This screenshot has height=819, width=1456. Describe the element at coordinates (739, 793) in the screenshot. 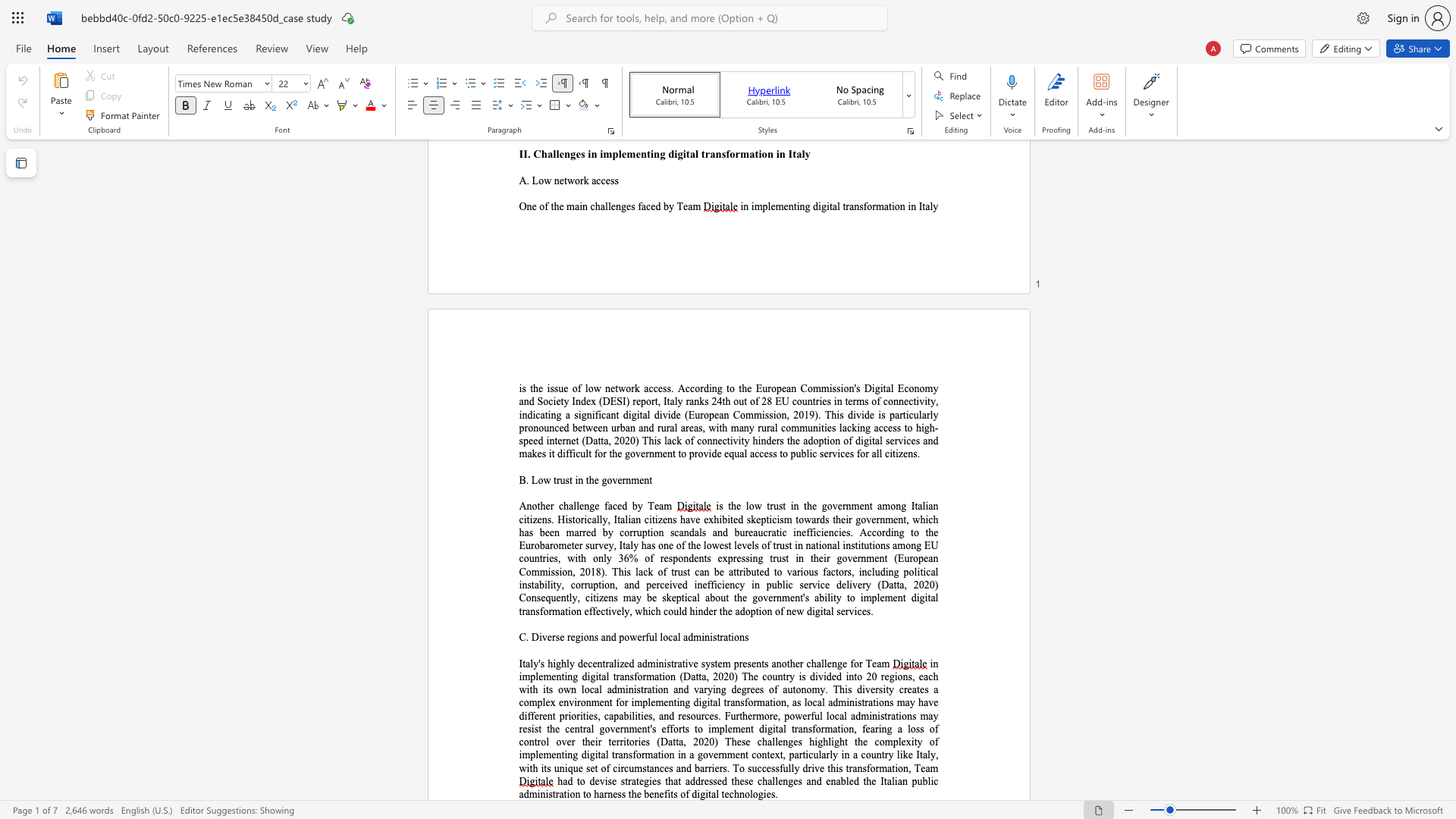

I see `the subset text "no" within the text "had to devise strategies that addressed these challenges and enabled the Italian public administration to harness the benefits of digital technologies."` at that location.